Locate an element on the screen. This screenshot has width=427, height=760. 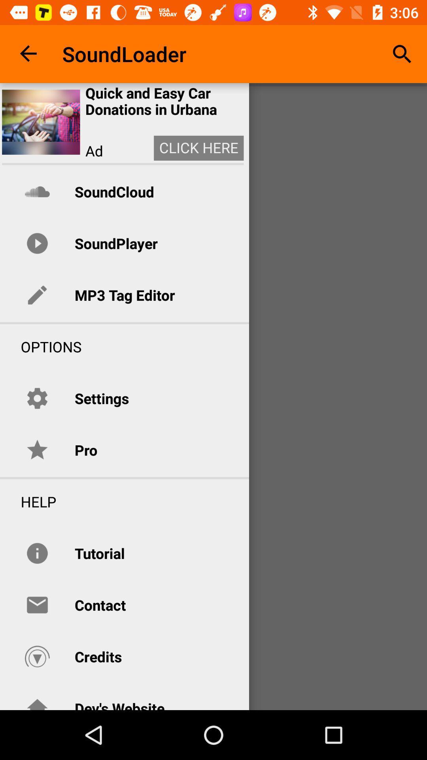
item below the soundplayer item is located at coordinates (125, 294).